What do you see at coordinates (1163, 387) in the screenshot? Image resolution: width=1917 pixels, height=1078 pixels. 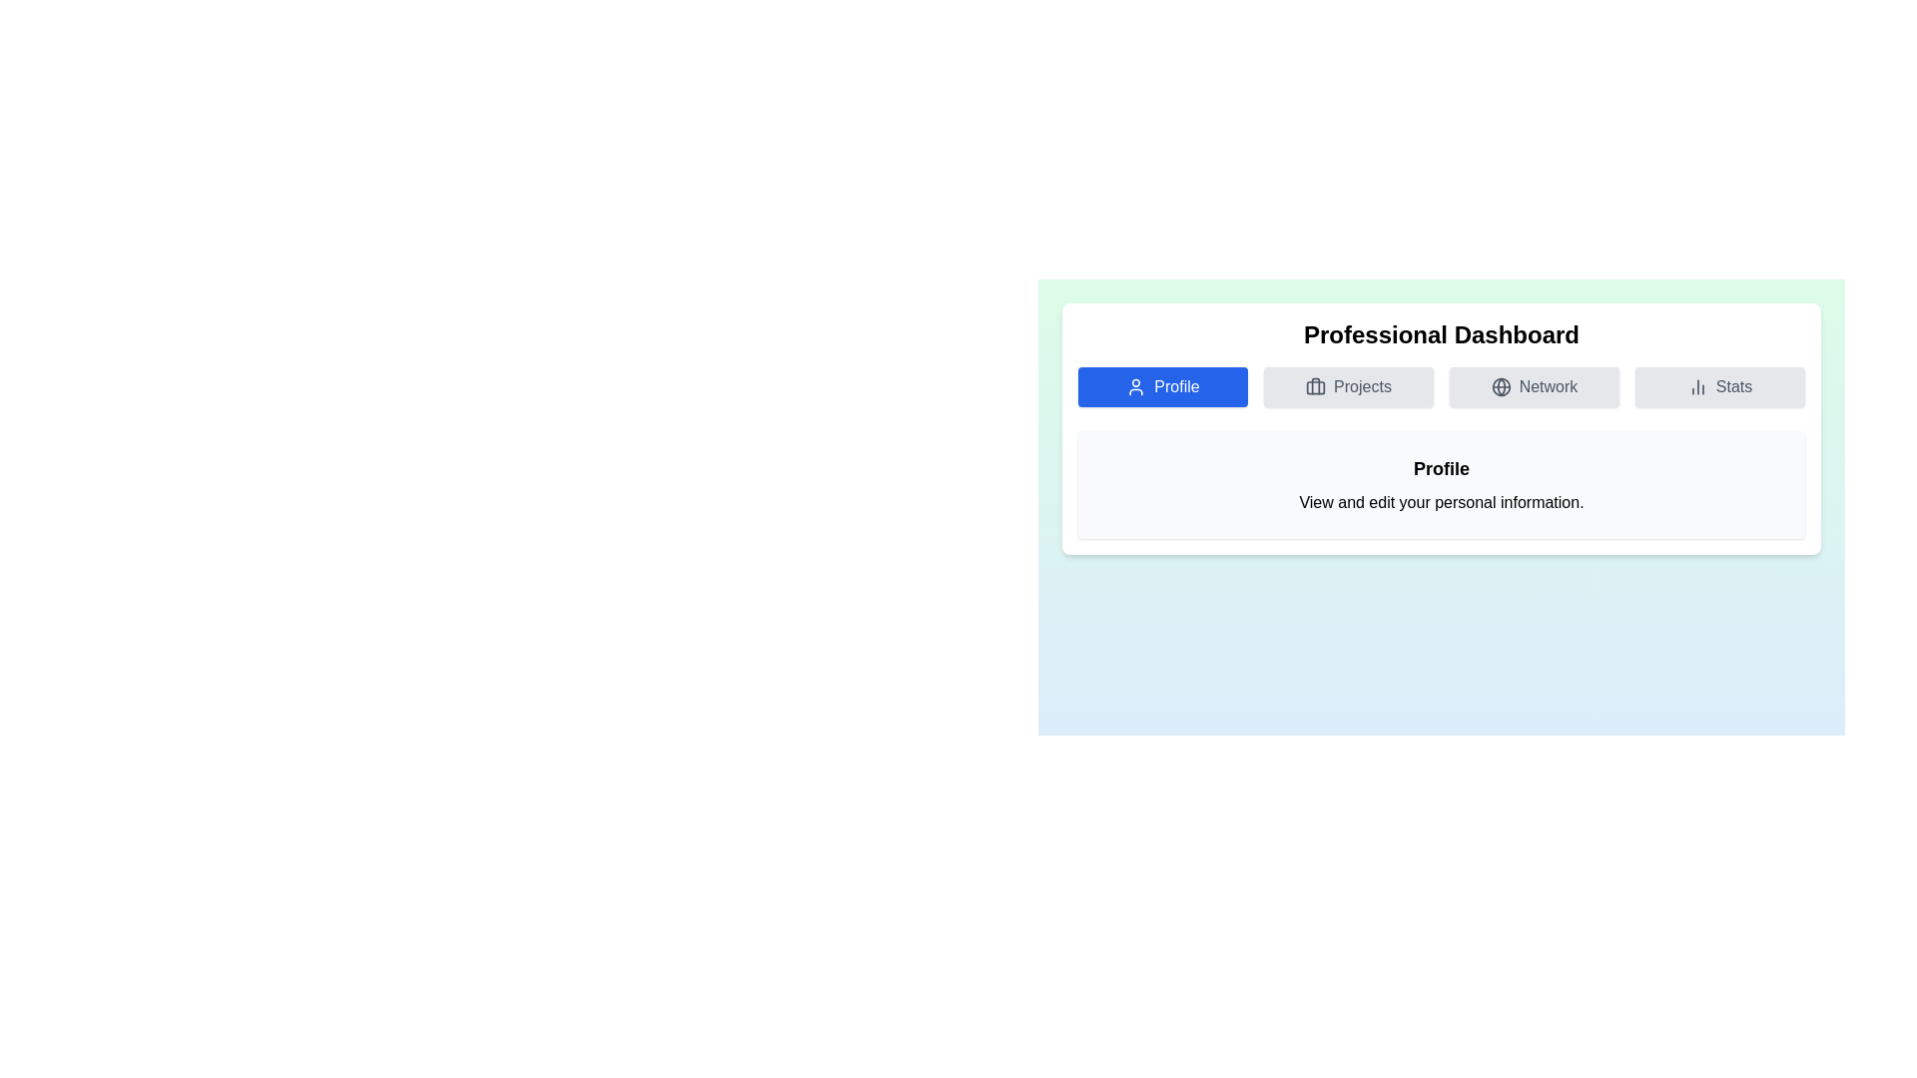 I see `the tab labeled Profile` at bounding box center [1163, 387].